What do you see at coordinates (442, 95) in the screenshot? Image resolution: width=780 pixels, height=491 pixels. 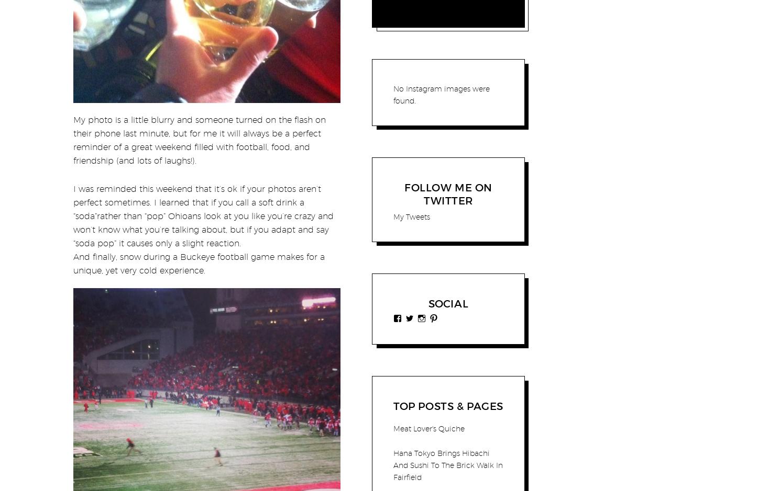 I see `'No Instagram images were found.'` at bounding box center [442, 95].